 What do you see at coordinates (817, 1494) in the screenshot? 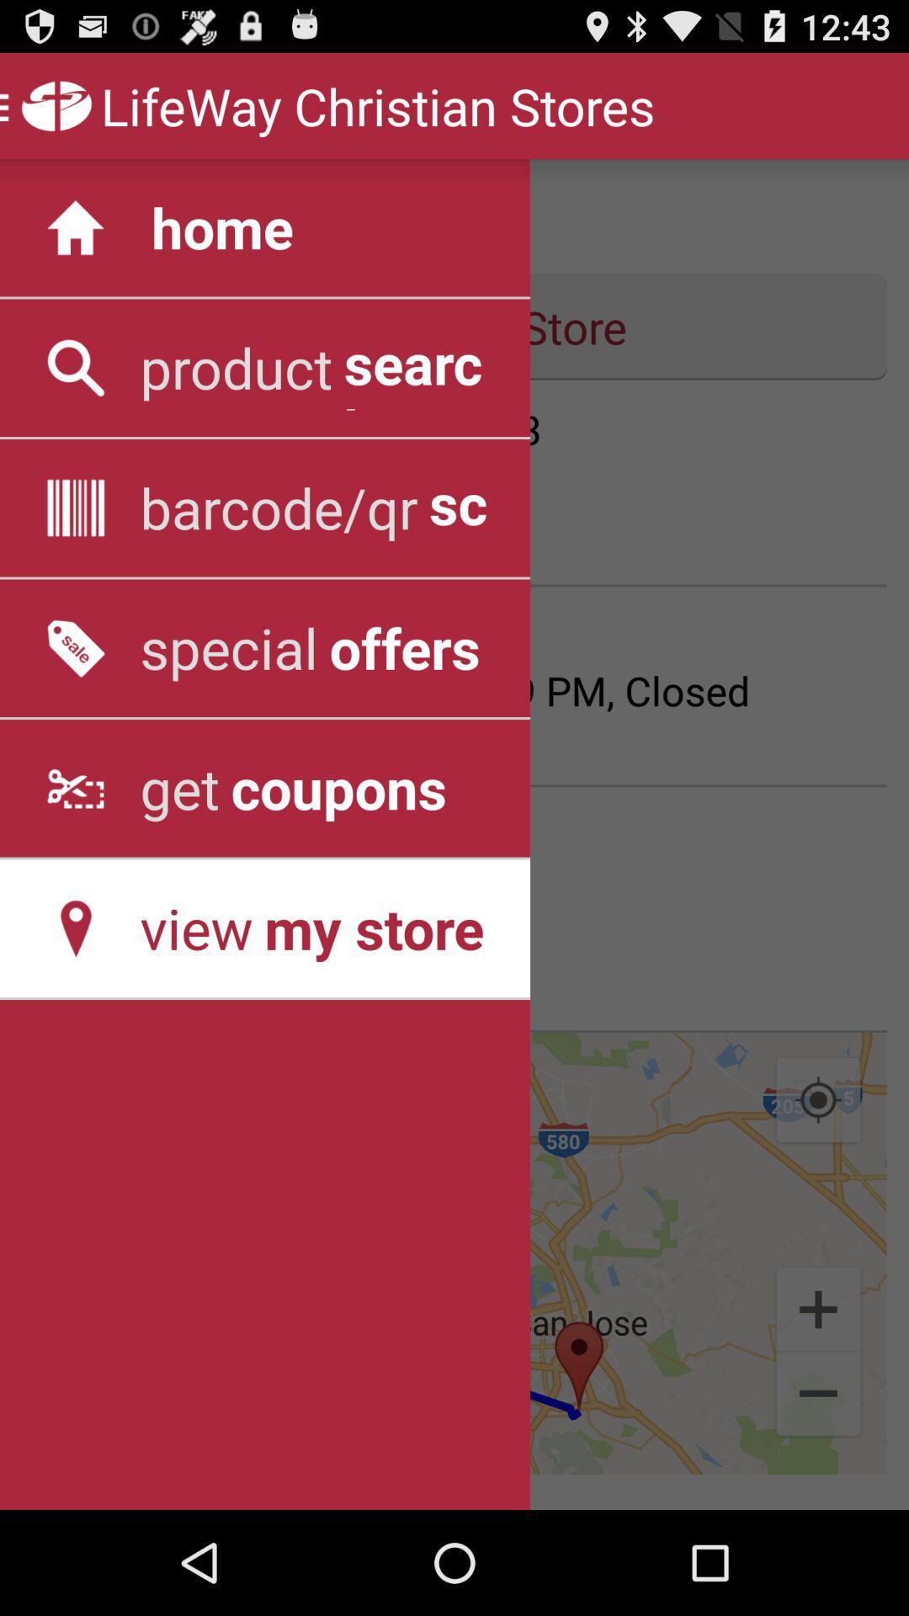
I see `the minus icon` at bounding box center [817, 1494].